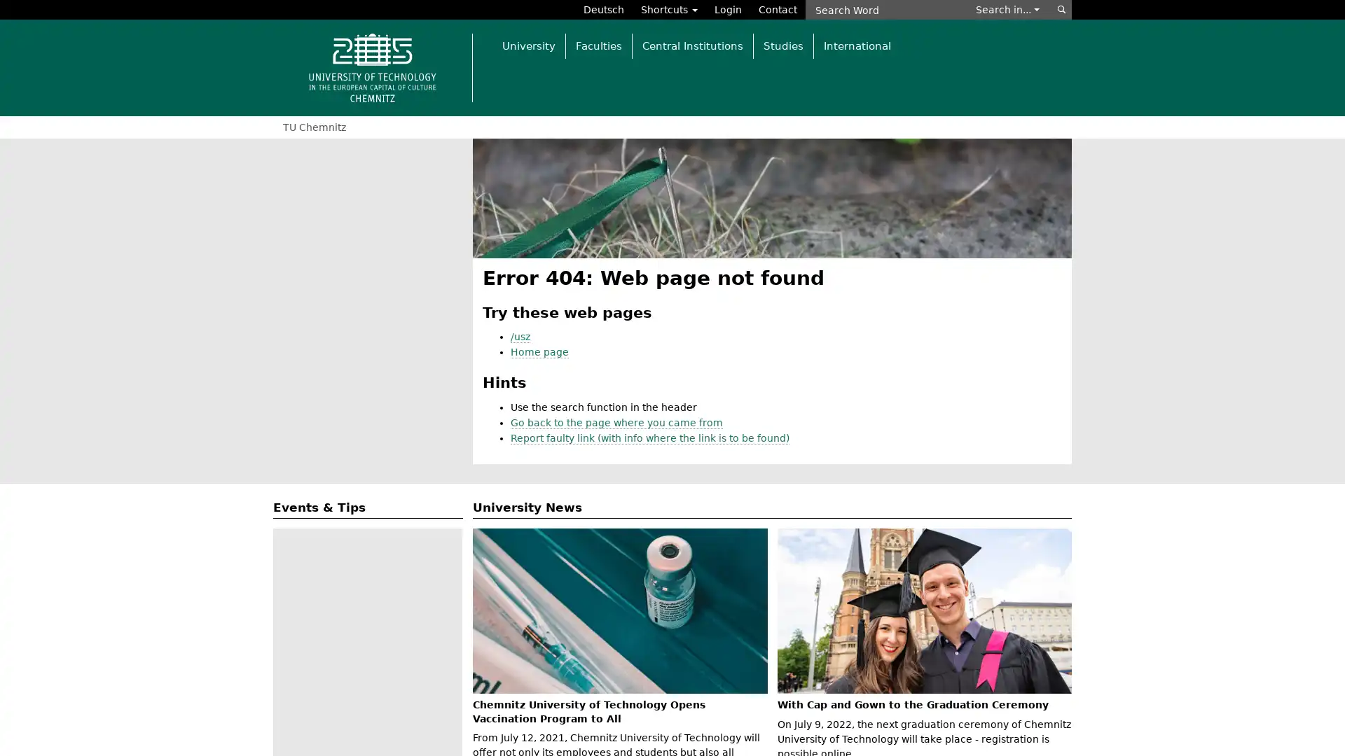 The width and height of the screenshot is (1345, 756). I want to click on Central Institutions, so click(692, 45).